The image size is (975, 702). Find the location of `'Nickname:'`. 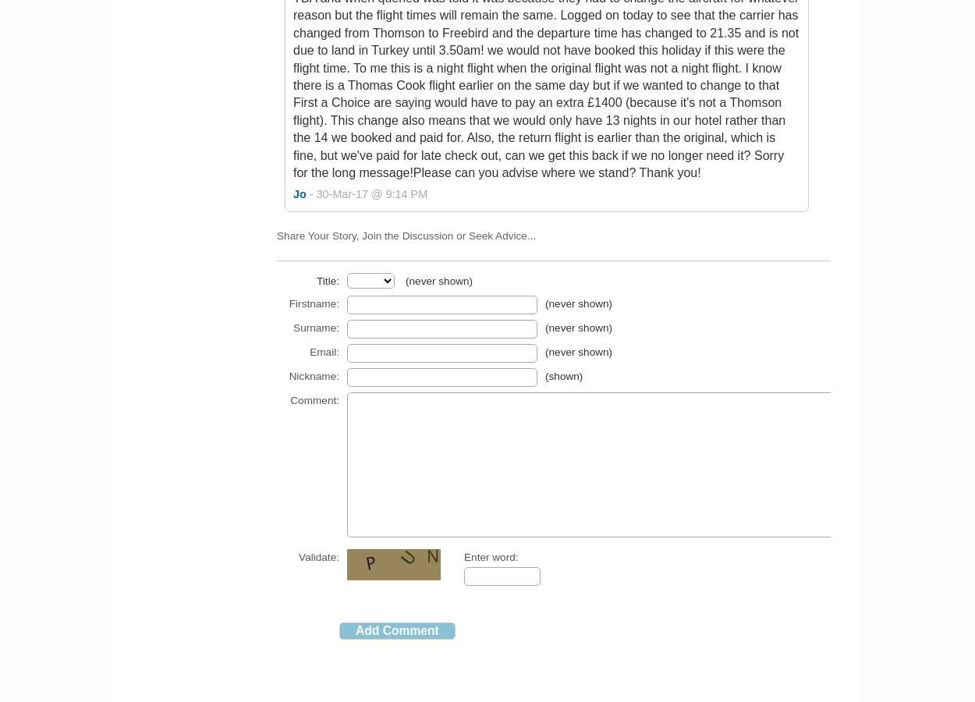

'Nickname:' is located at coordinates (288, 375).